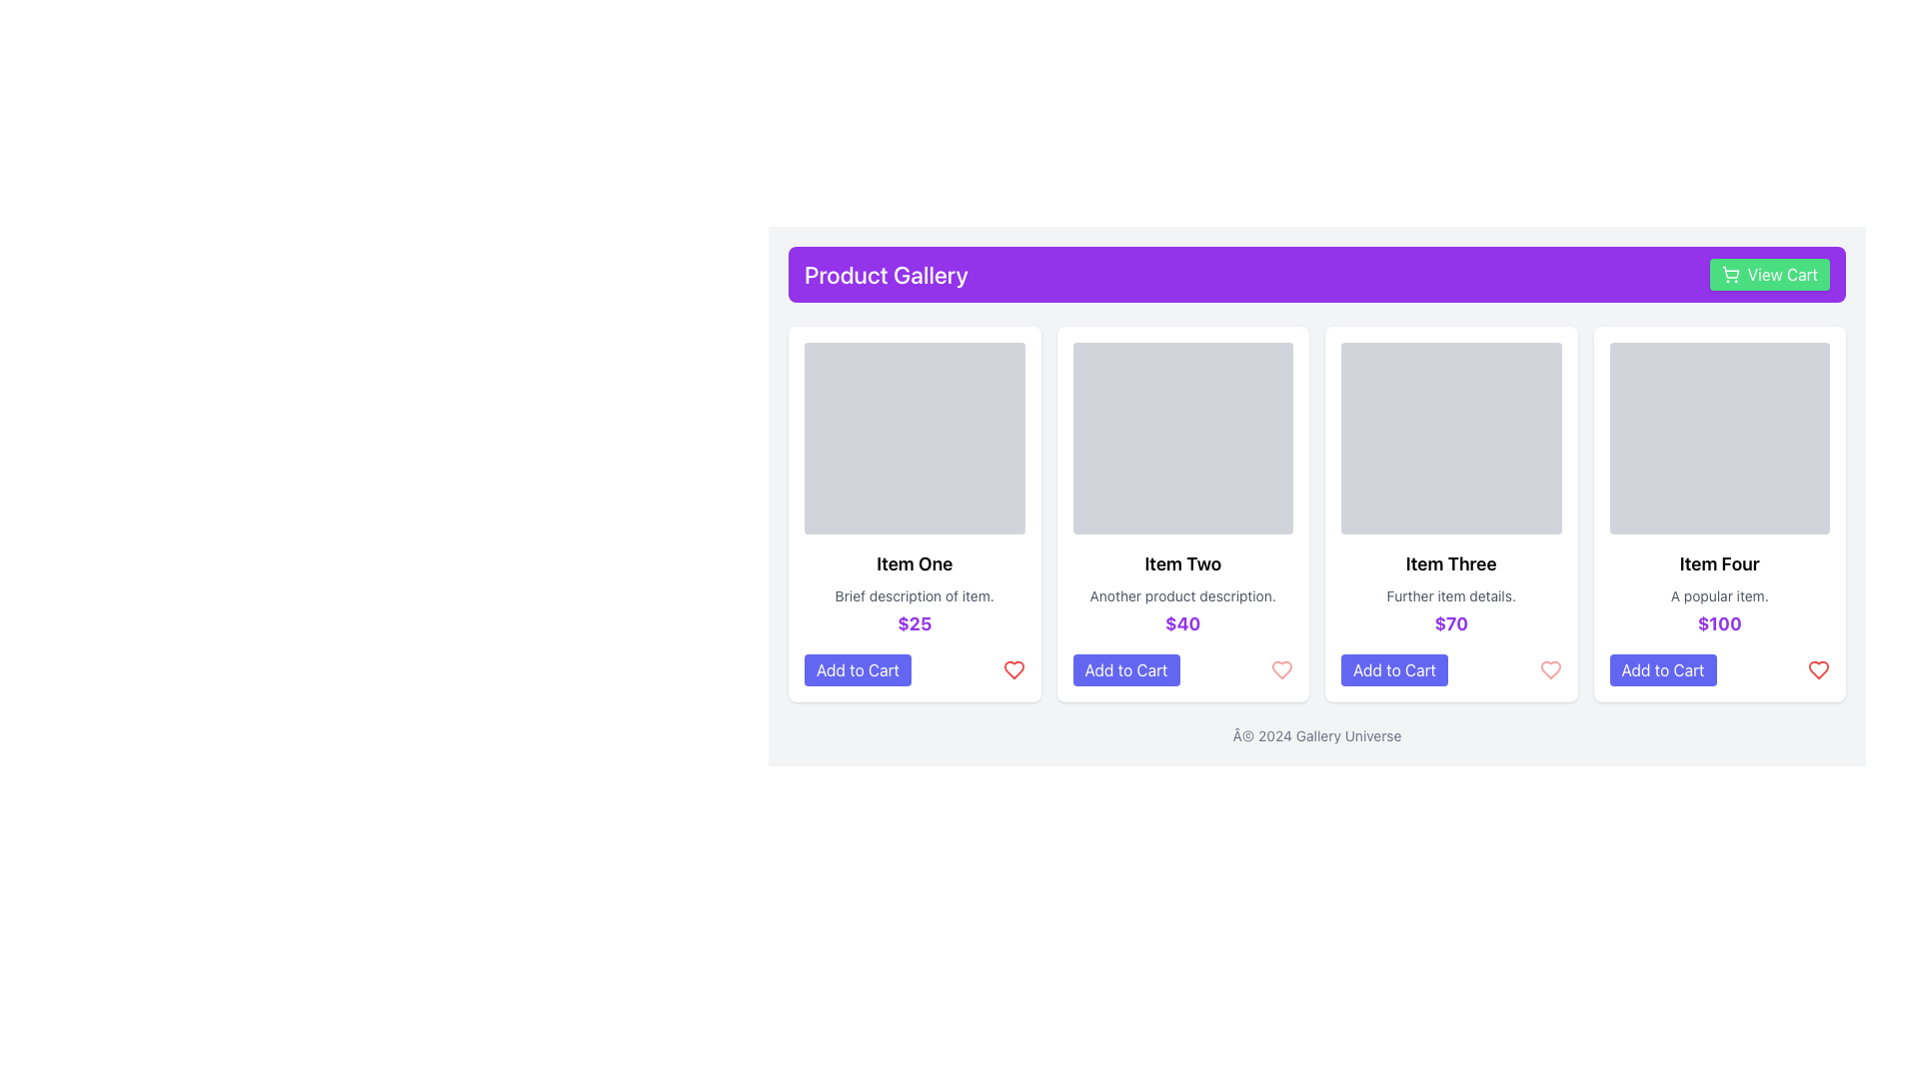  What do you see at coordinates (1663, 670) in the screenshot?
I see `the 'Add to Cart' button with a purple background and white text located at the bottom center of the fourth product card` at bounding box center [1663, 670].